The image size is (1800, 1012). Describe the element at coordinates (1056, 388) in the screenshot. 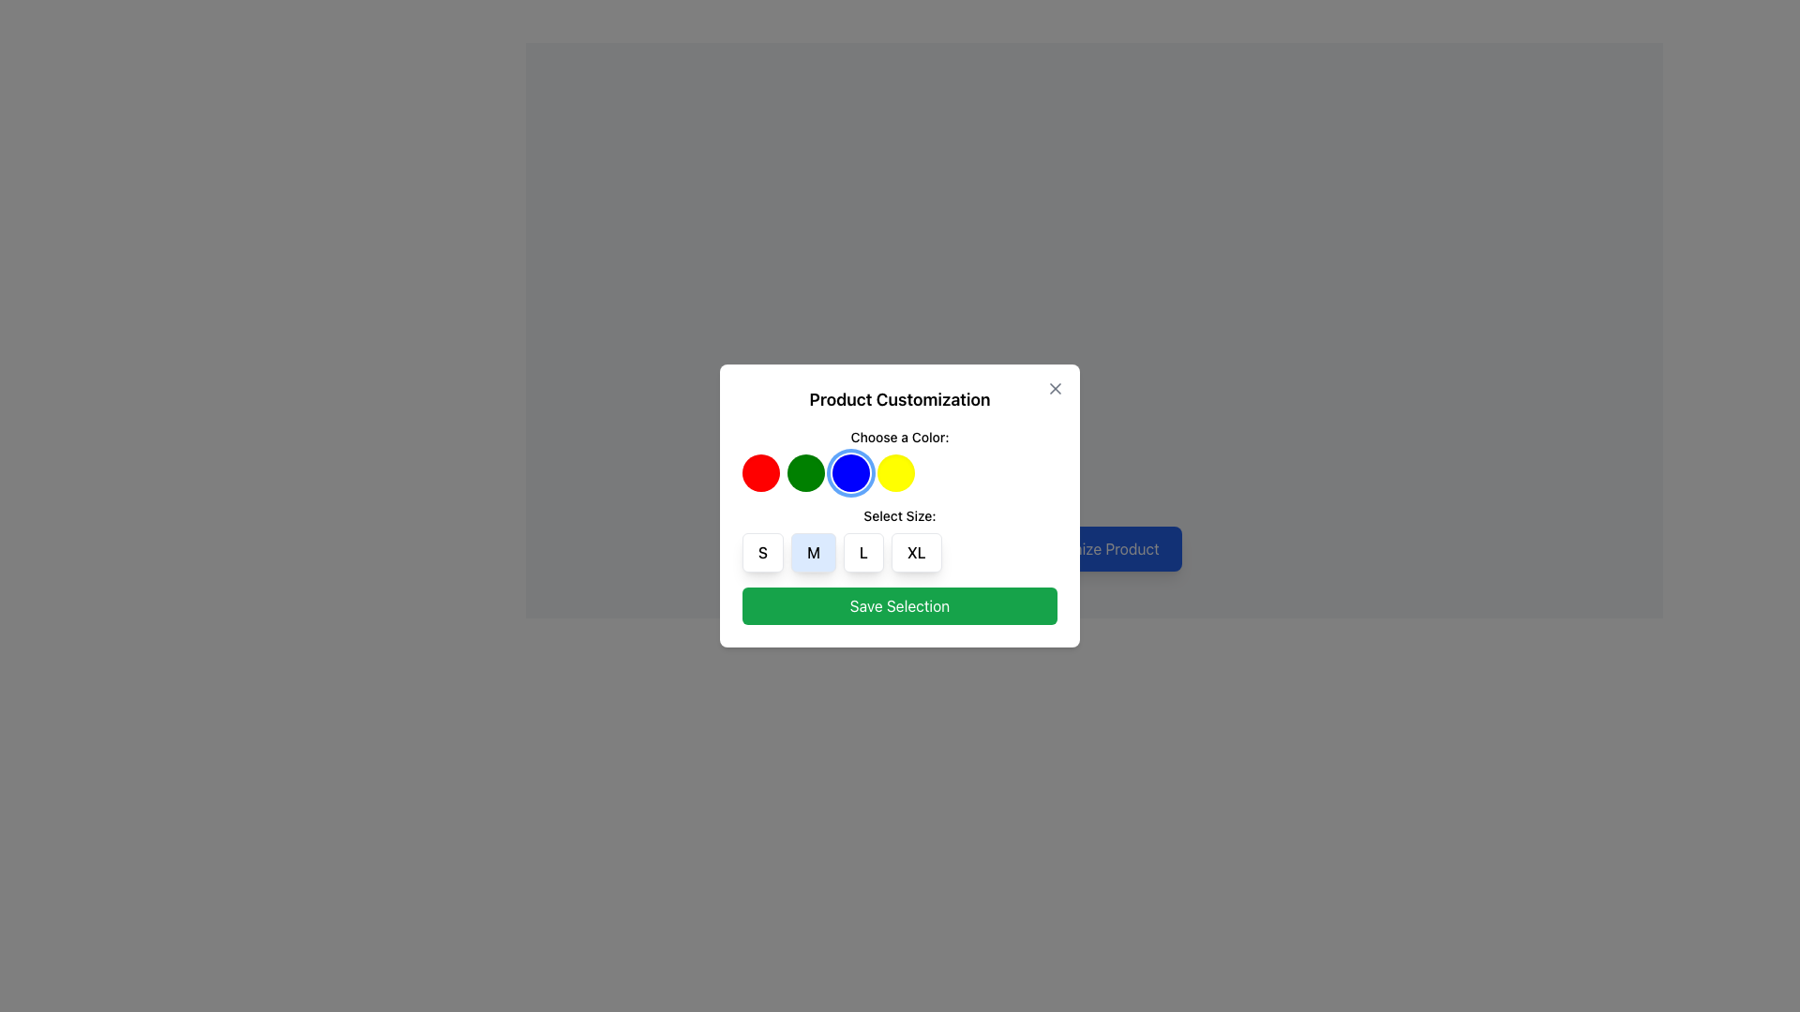

I see `the close button located at the top-right corner of the modal to observe the color change to red` at that location.